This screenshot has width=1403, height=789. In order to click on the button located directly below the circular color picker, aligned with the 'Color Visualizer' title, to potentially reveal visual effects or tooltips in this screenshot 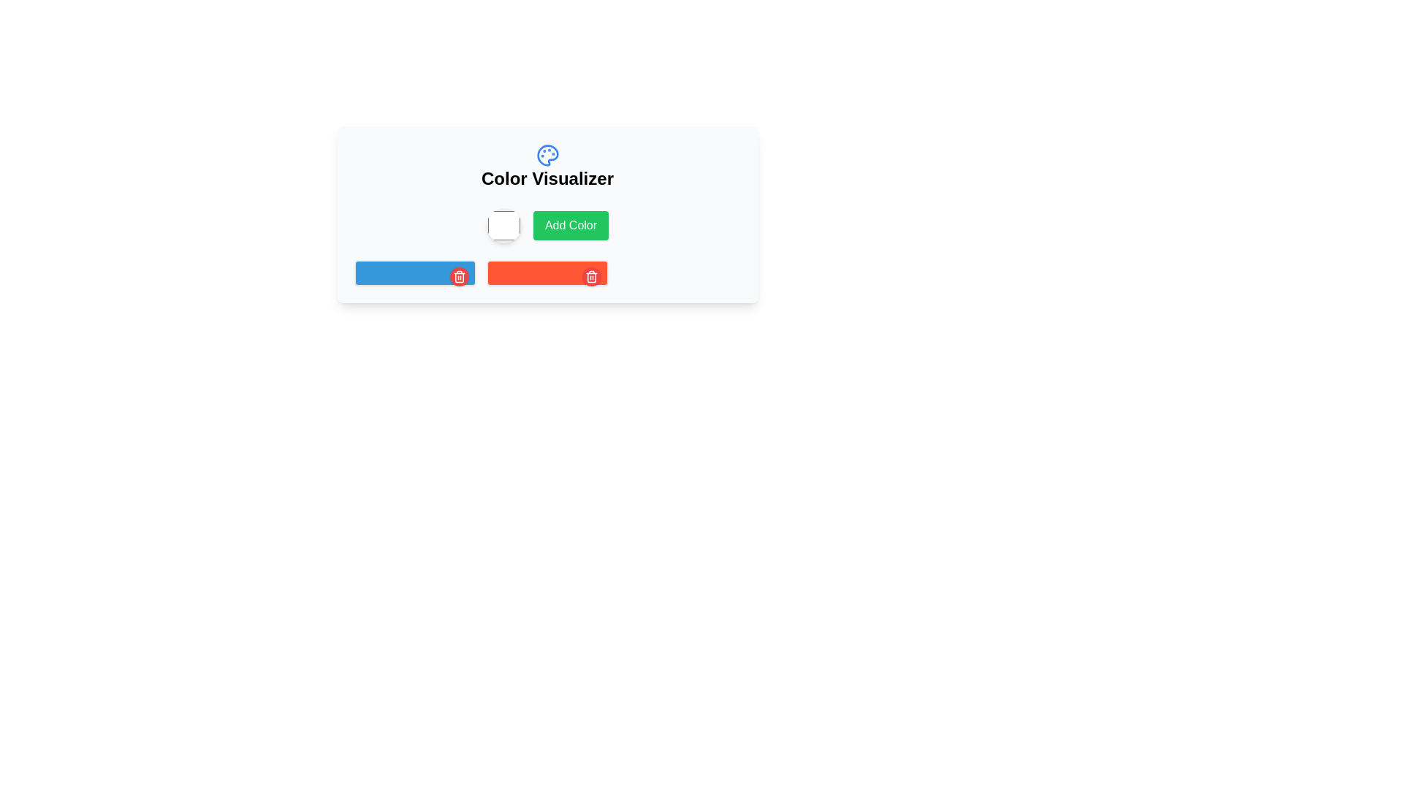, I will do `click(547, 214)`.